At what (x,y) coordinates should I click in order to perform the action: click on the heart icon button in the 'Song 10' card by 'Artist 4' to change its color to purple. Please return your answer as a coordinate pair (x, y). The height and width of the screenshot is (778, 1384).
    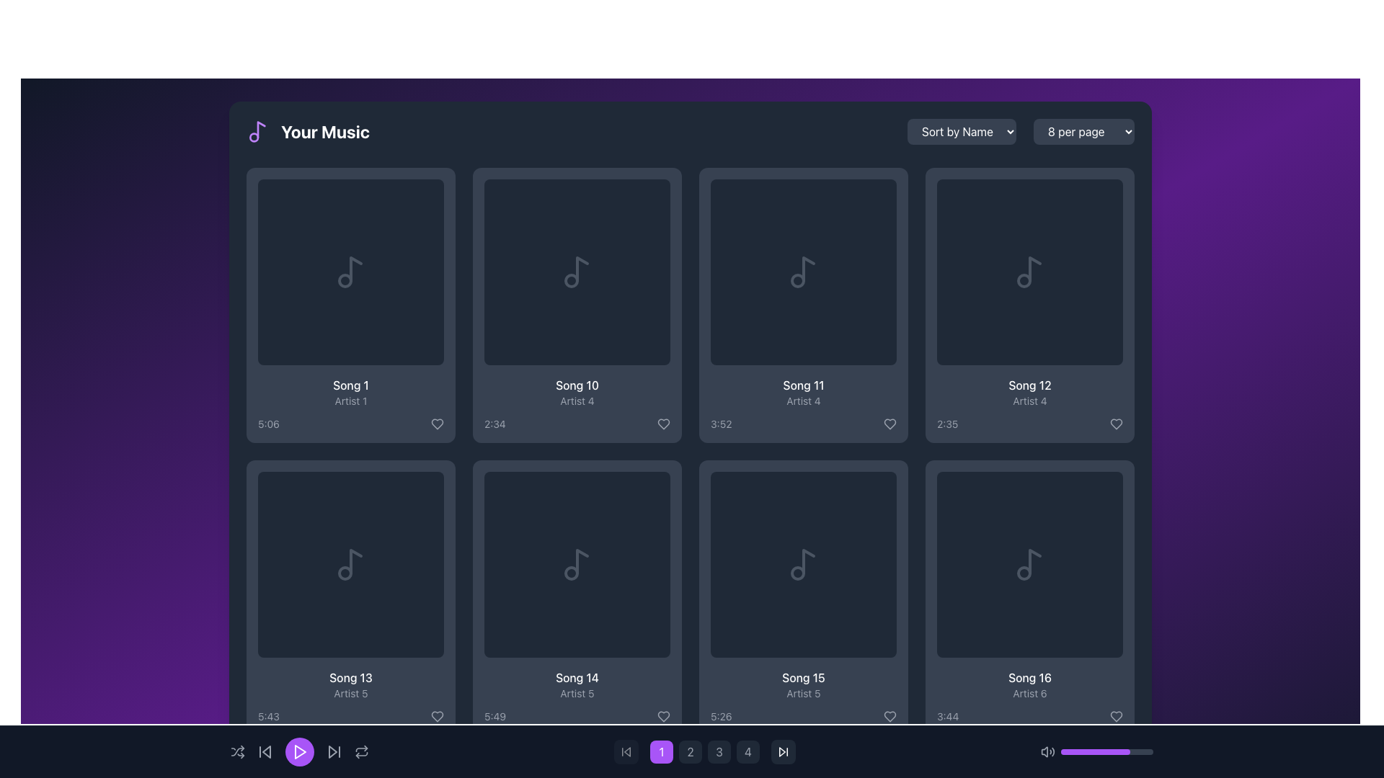
    Looking at the image, I should click on (663, 424).